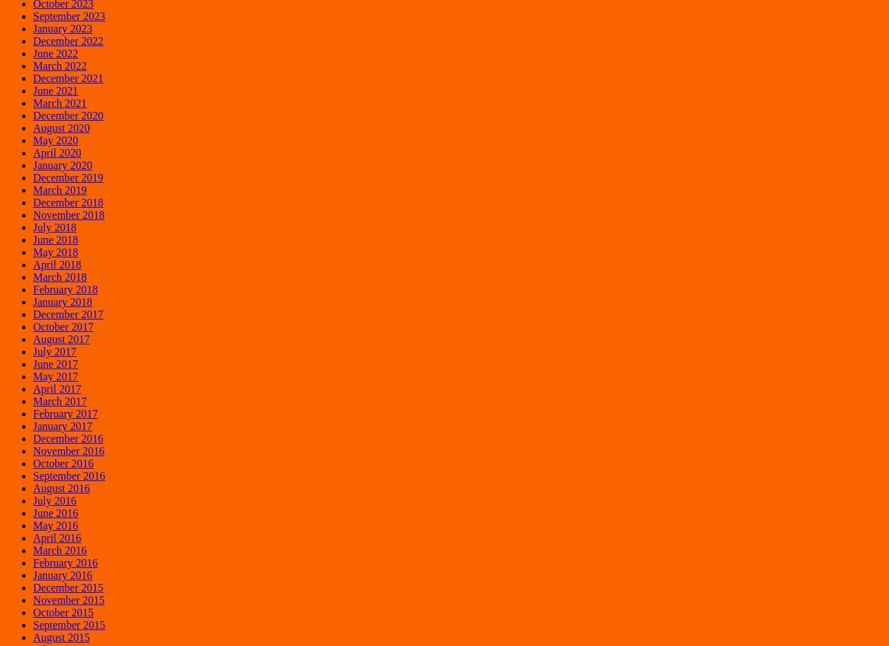 This screenshot has height=646, width=889. Describe the element at coordinates (61, 574) in the screenshot. I see `'January 2016'` at that location.